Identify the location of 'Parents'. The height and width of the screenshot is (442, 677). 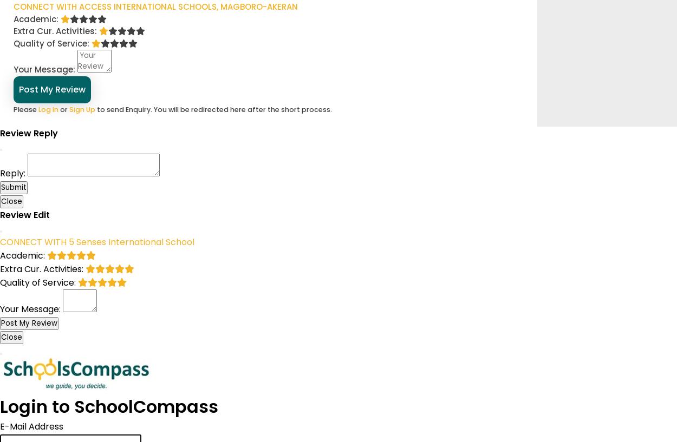
(81, 37).